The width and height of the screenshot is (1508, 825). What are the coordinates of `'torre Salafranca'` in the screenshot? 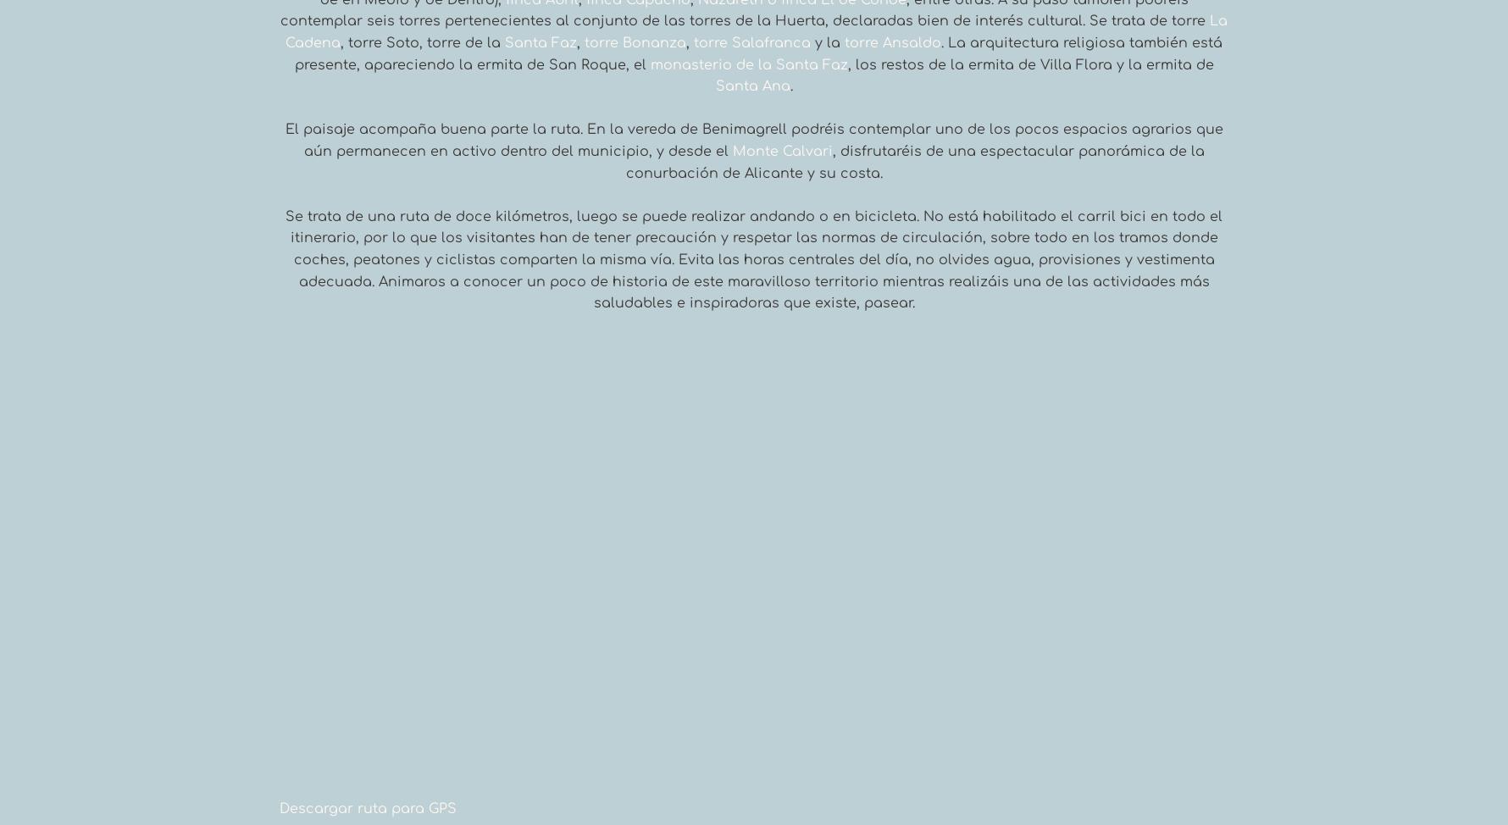 It's located at (692, 43).